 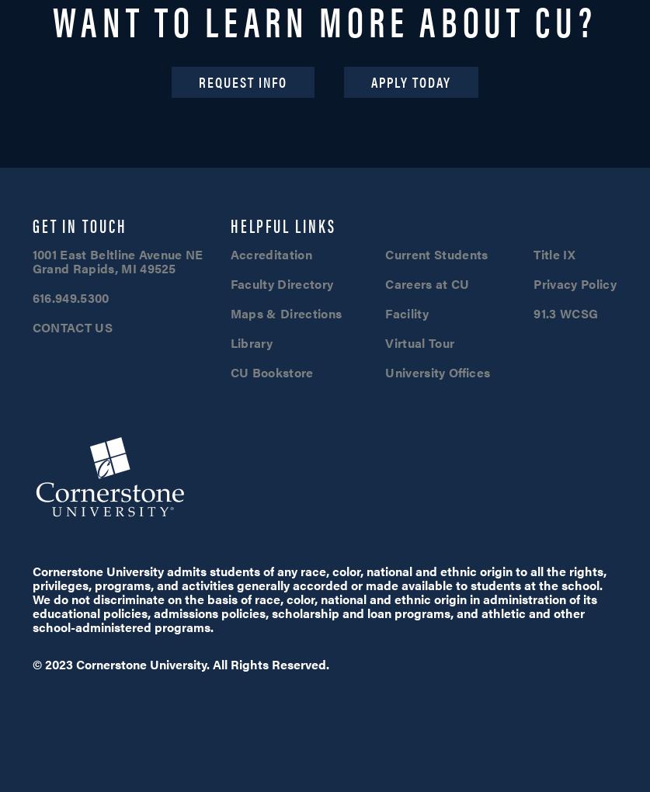 I want to click on 'Request Info', so click(x=243, y=81).